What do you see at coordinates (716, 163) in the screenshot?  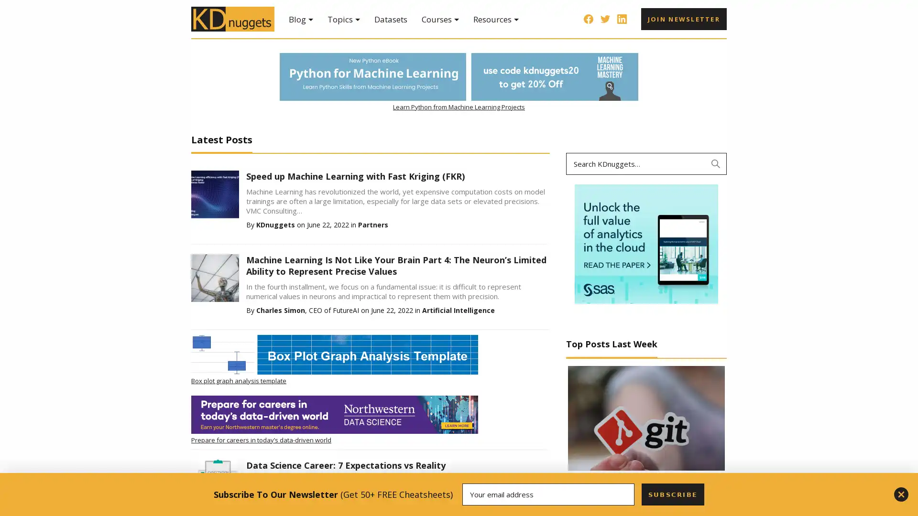 I see `Search` at bounding box center [716, 163].